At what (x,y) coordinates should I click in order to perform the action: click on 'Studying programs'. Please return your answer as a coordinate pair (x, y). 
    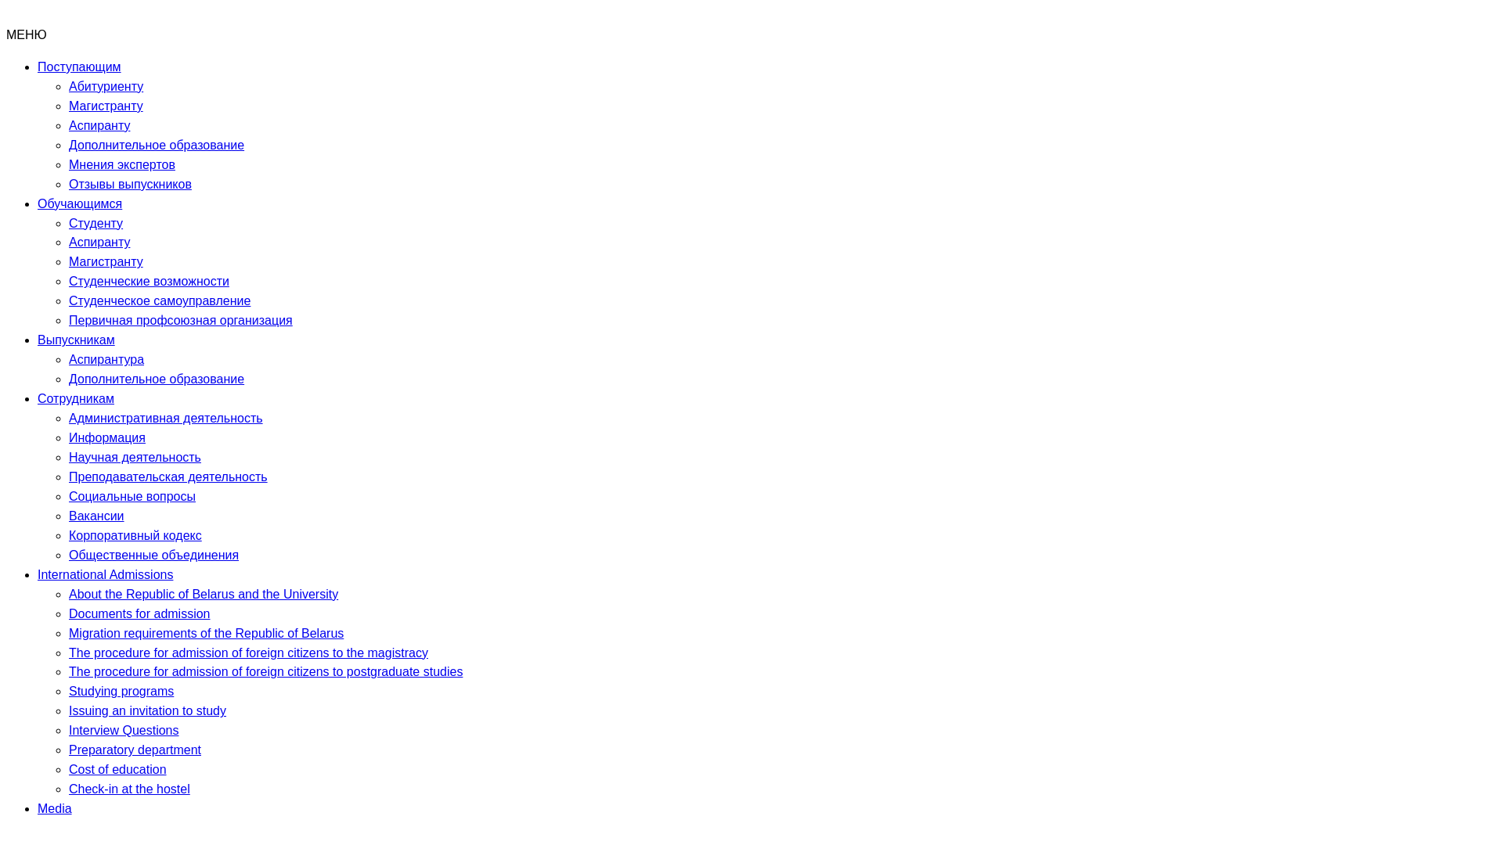
    Looking at the image, I should click on (120, 690).